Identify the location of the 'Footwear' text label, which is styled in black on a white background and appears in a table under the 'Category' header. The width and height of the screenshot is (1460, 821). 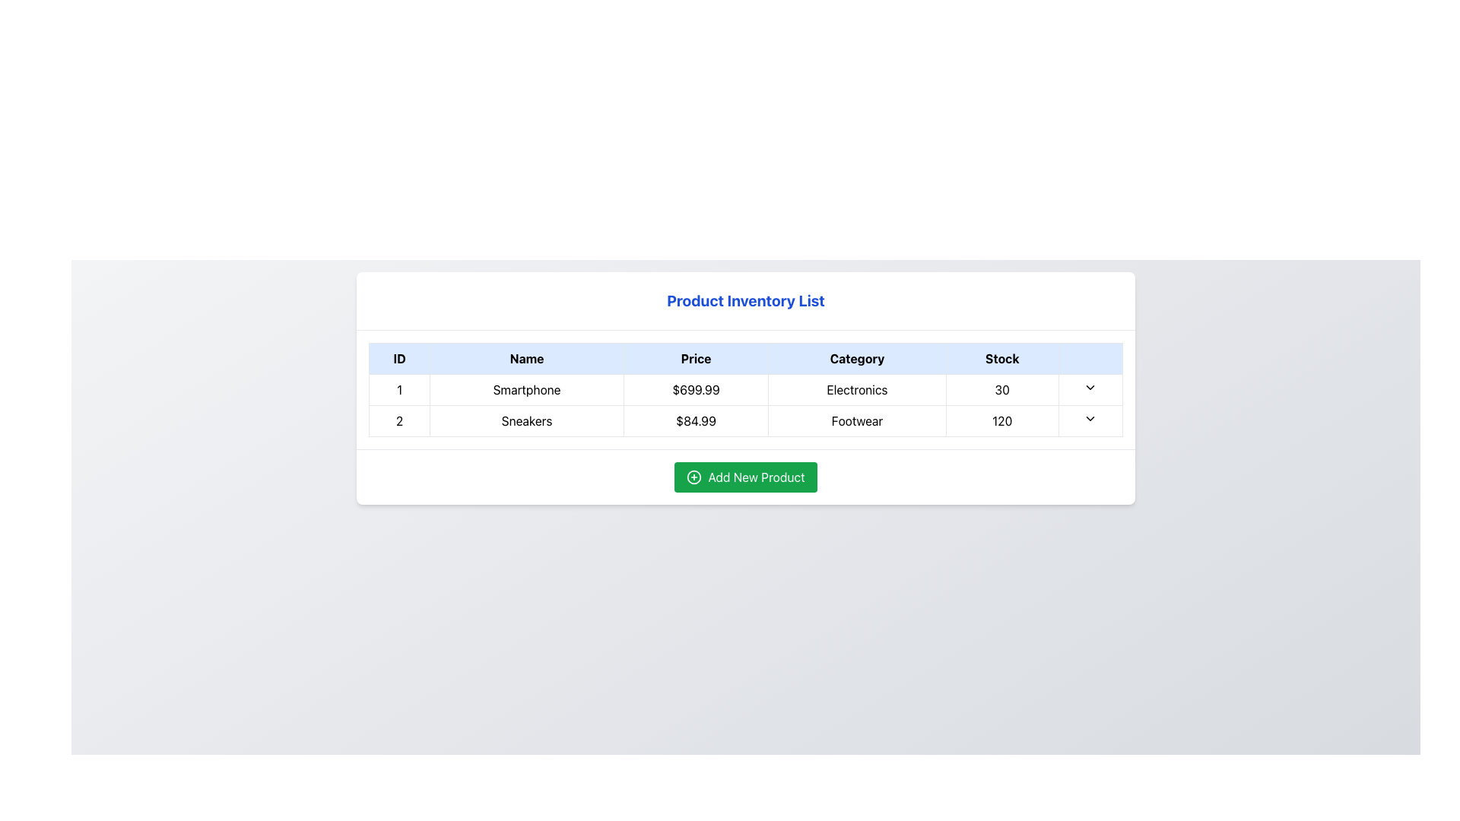
(857, 421).